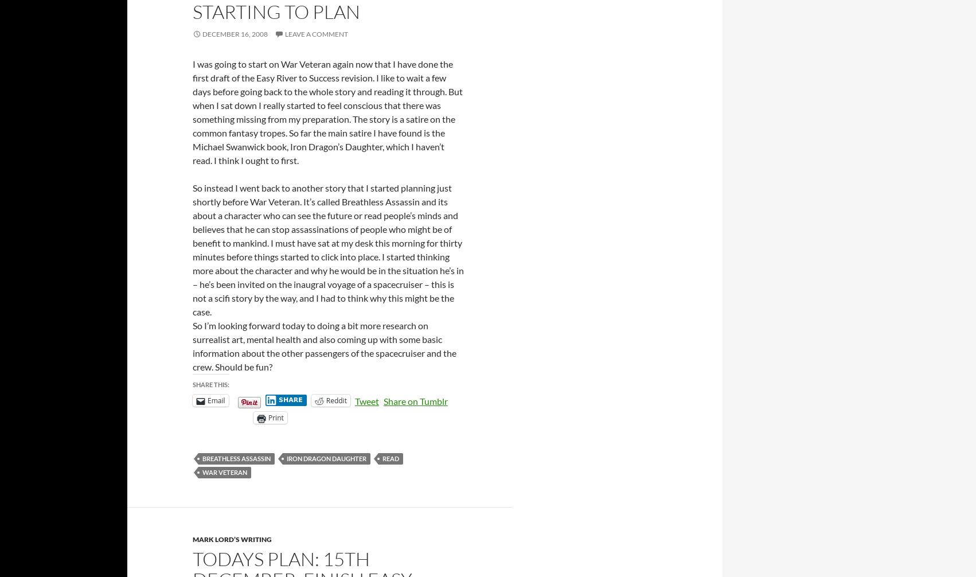 The height and width of the screenshot is (577, 976). I want to click on 'Print', so click(268, 418).